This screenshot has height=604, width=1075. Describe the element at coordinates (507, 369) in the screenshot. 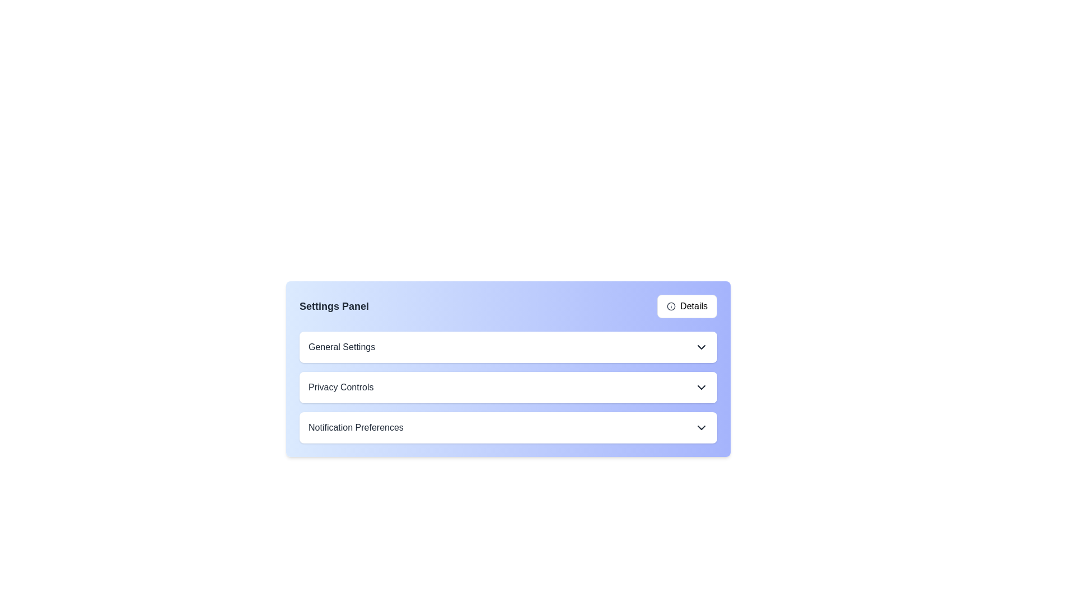

I see `the settings menu panel, which contains sections for General Settings, Privacy Controls, and Notification Preferences` at that location.